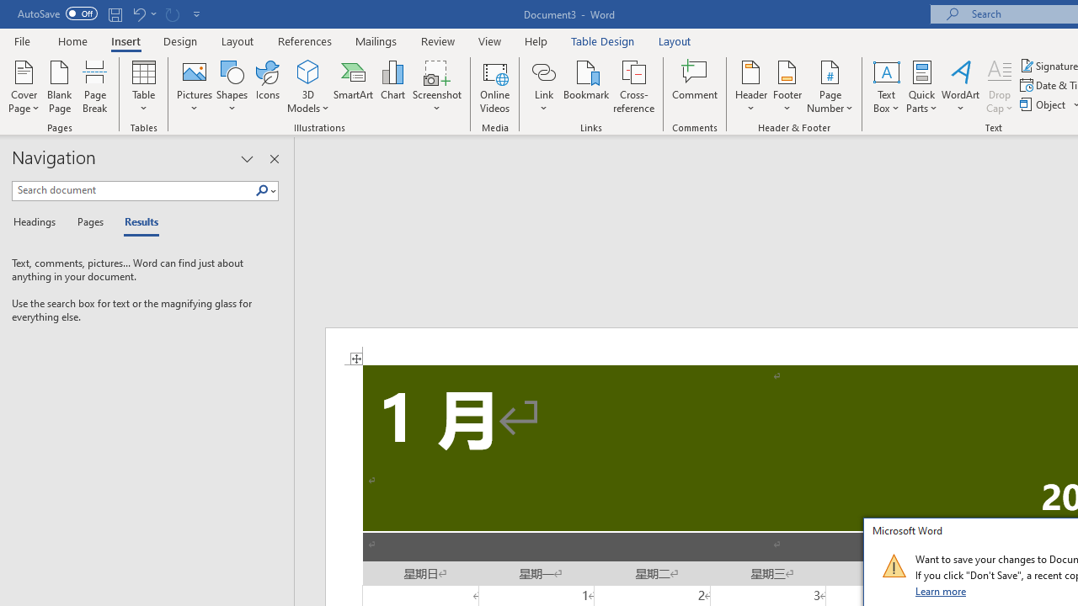  I want to click on 'Text Box', so click(885, 87).